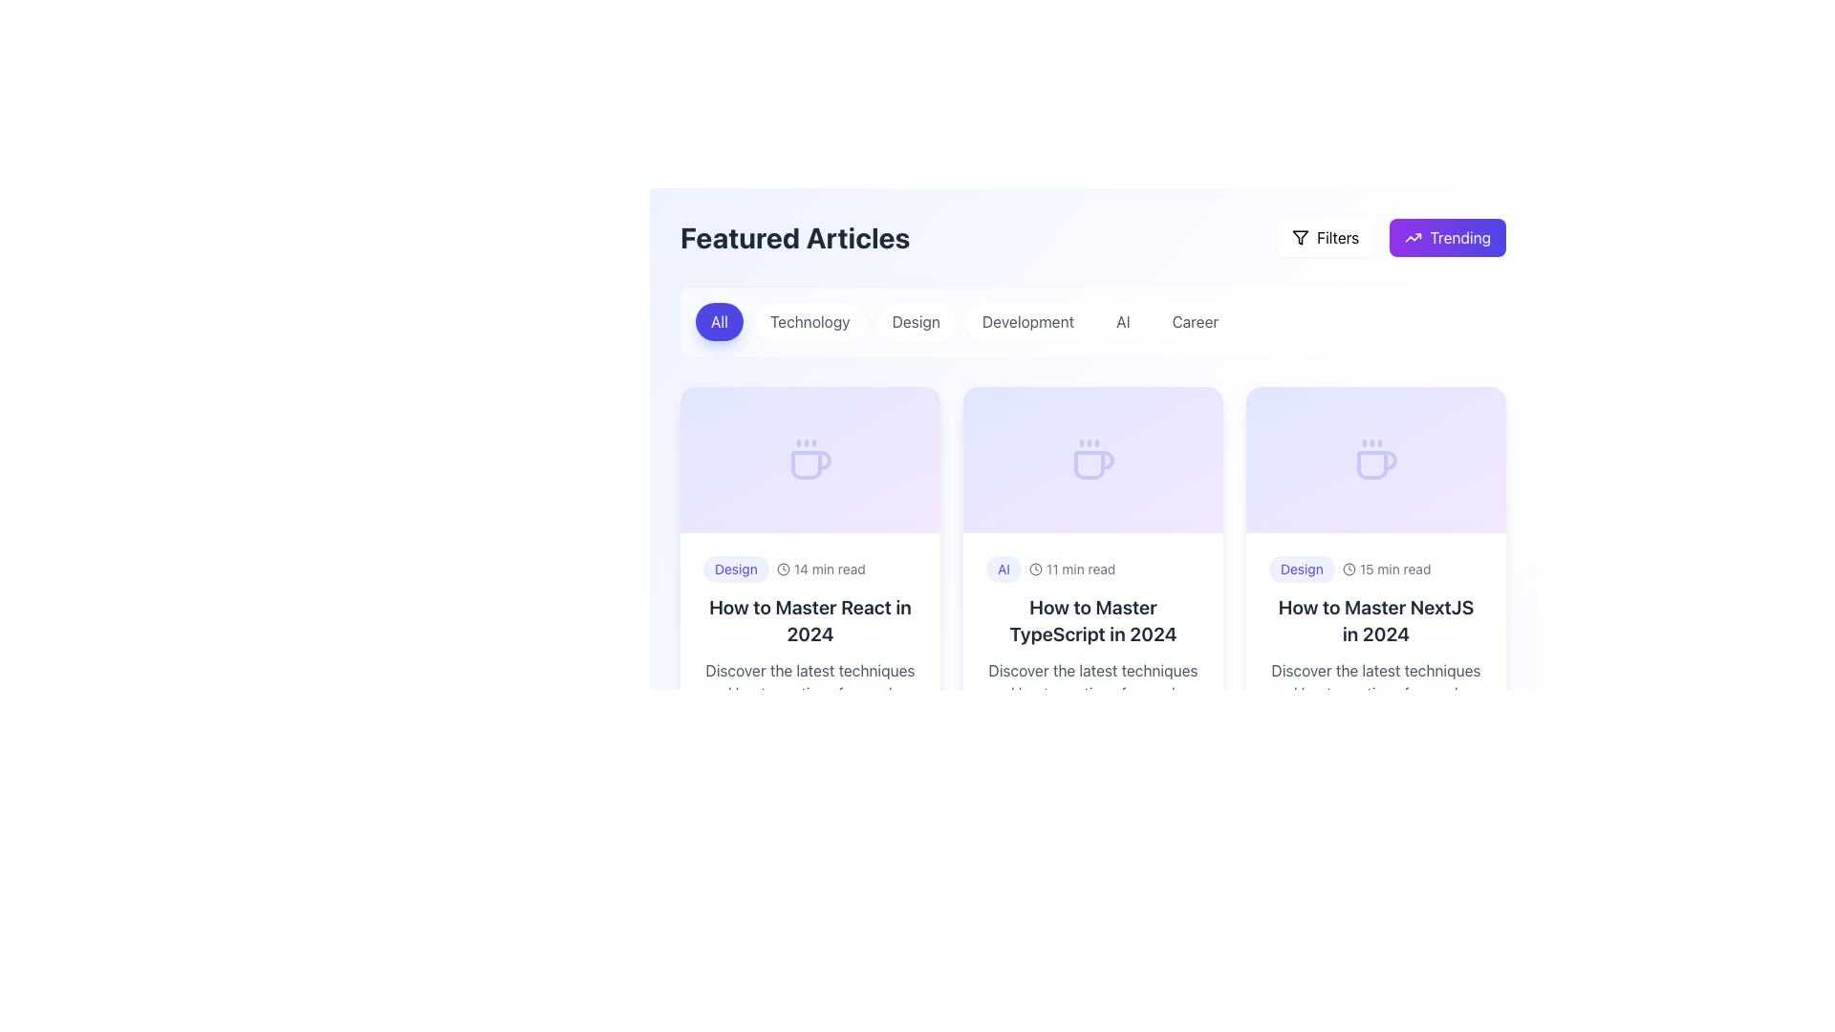 The width and height of the screenshot is (1835, 1032). What do you see at coordinates (810, 320) in the screenshot?
I see `the 'Technology' filter button located in the horizontal row of category buttons below the 'Featured Articles' header` at bounding box center [810, 320].